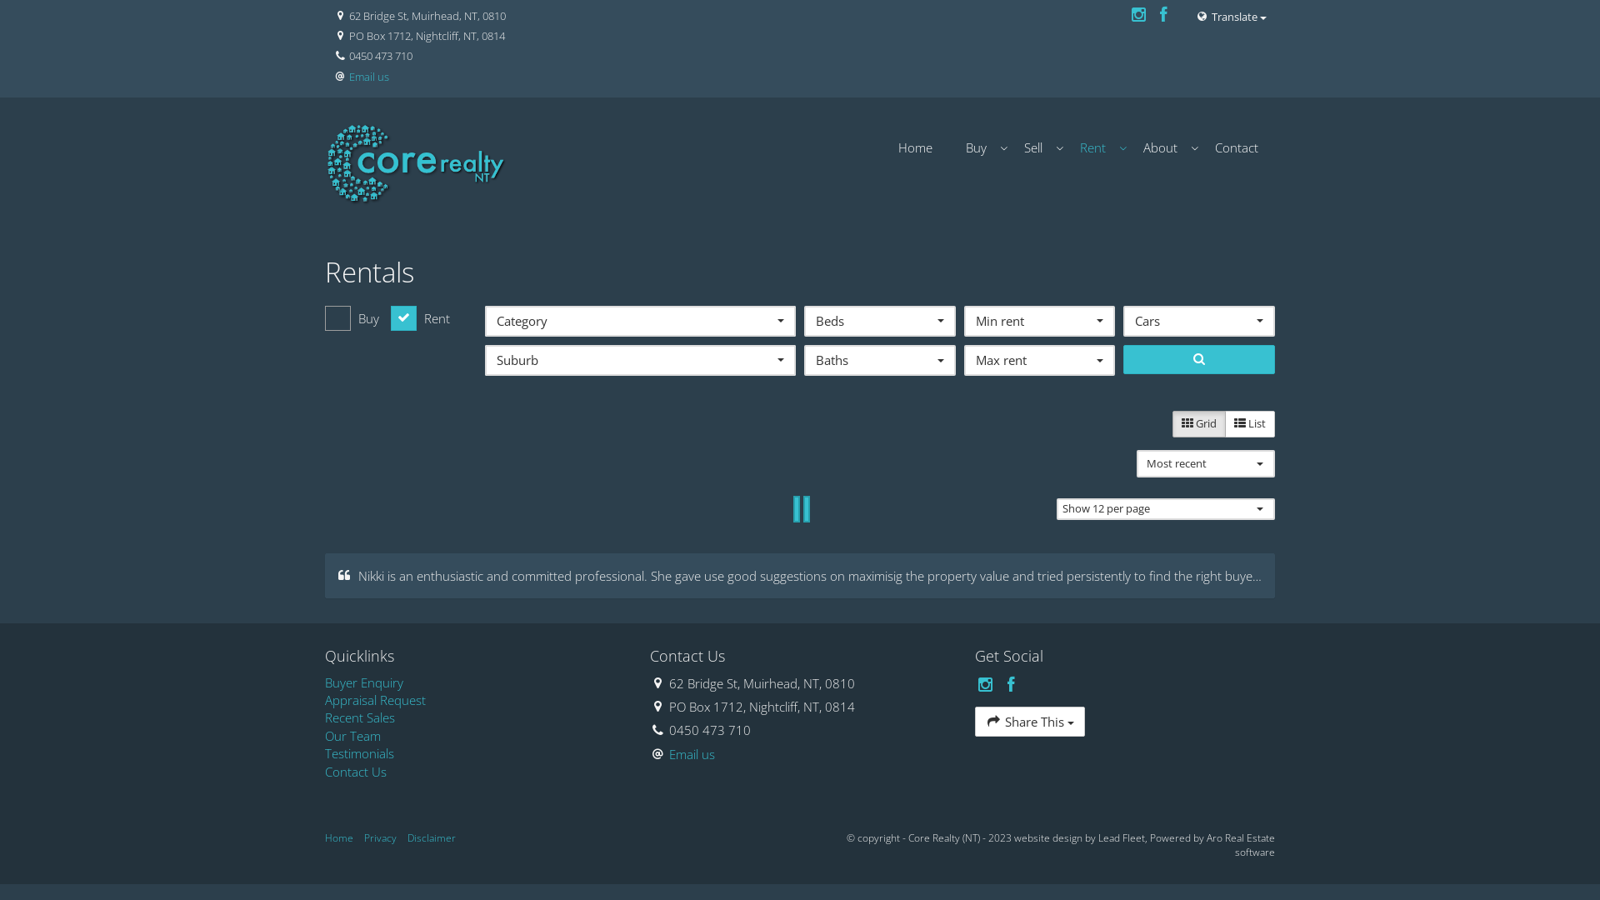 The image size is (1600, 900). Describe the element at coordinates (639, 359) in the screenshot. I see `'Suburb` at that location.